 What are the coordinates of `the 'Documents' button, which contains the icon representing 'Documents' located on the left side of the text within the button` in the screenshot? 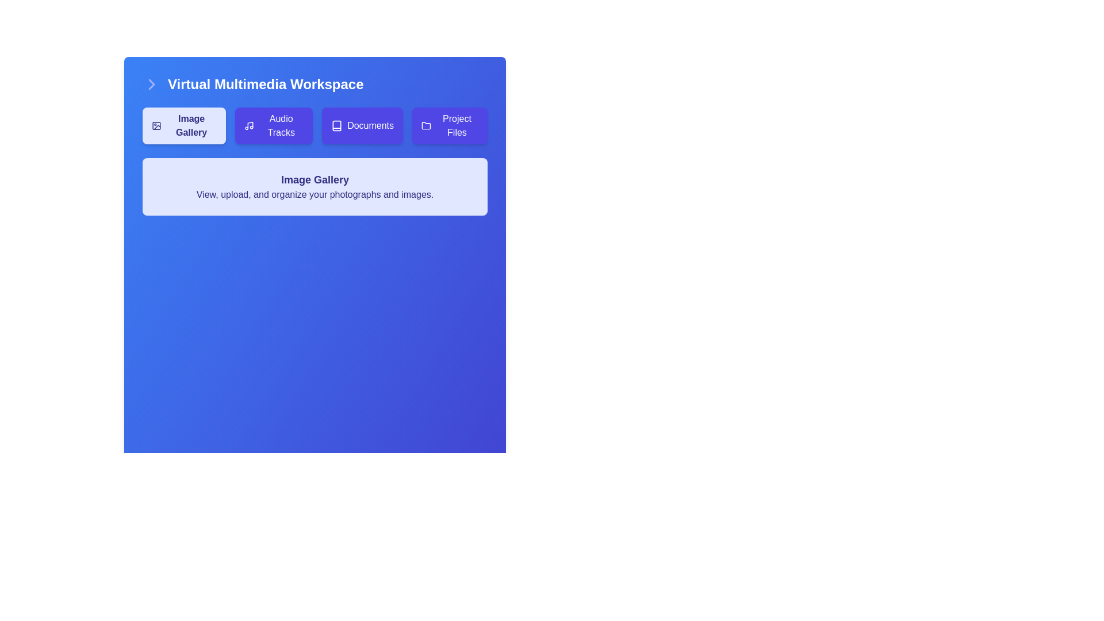 It's located at (336, 126).